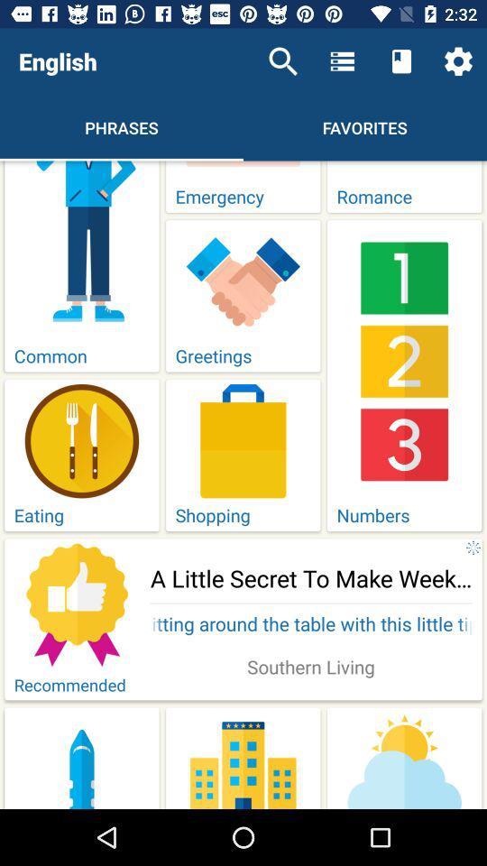 Image resolution: width=487 pixels, height=866 pixels. Describe the element at coordinates (283, 61) in the screenshot. I see `icon to the right of the english icon` at that location.